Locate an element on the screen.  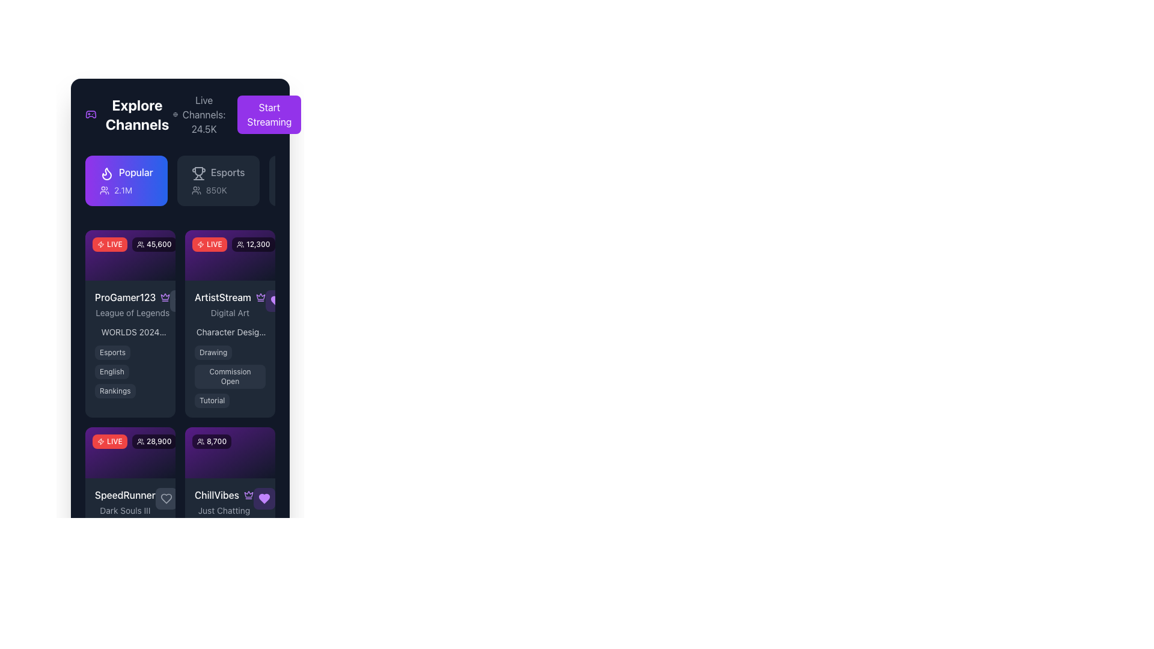
the static text label located directly below the 'ChillVibes' label in the user card is located at coordinates (224, 510).